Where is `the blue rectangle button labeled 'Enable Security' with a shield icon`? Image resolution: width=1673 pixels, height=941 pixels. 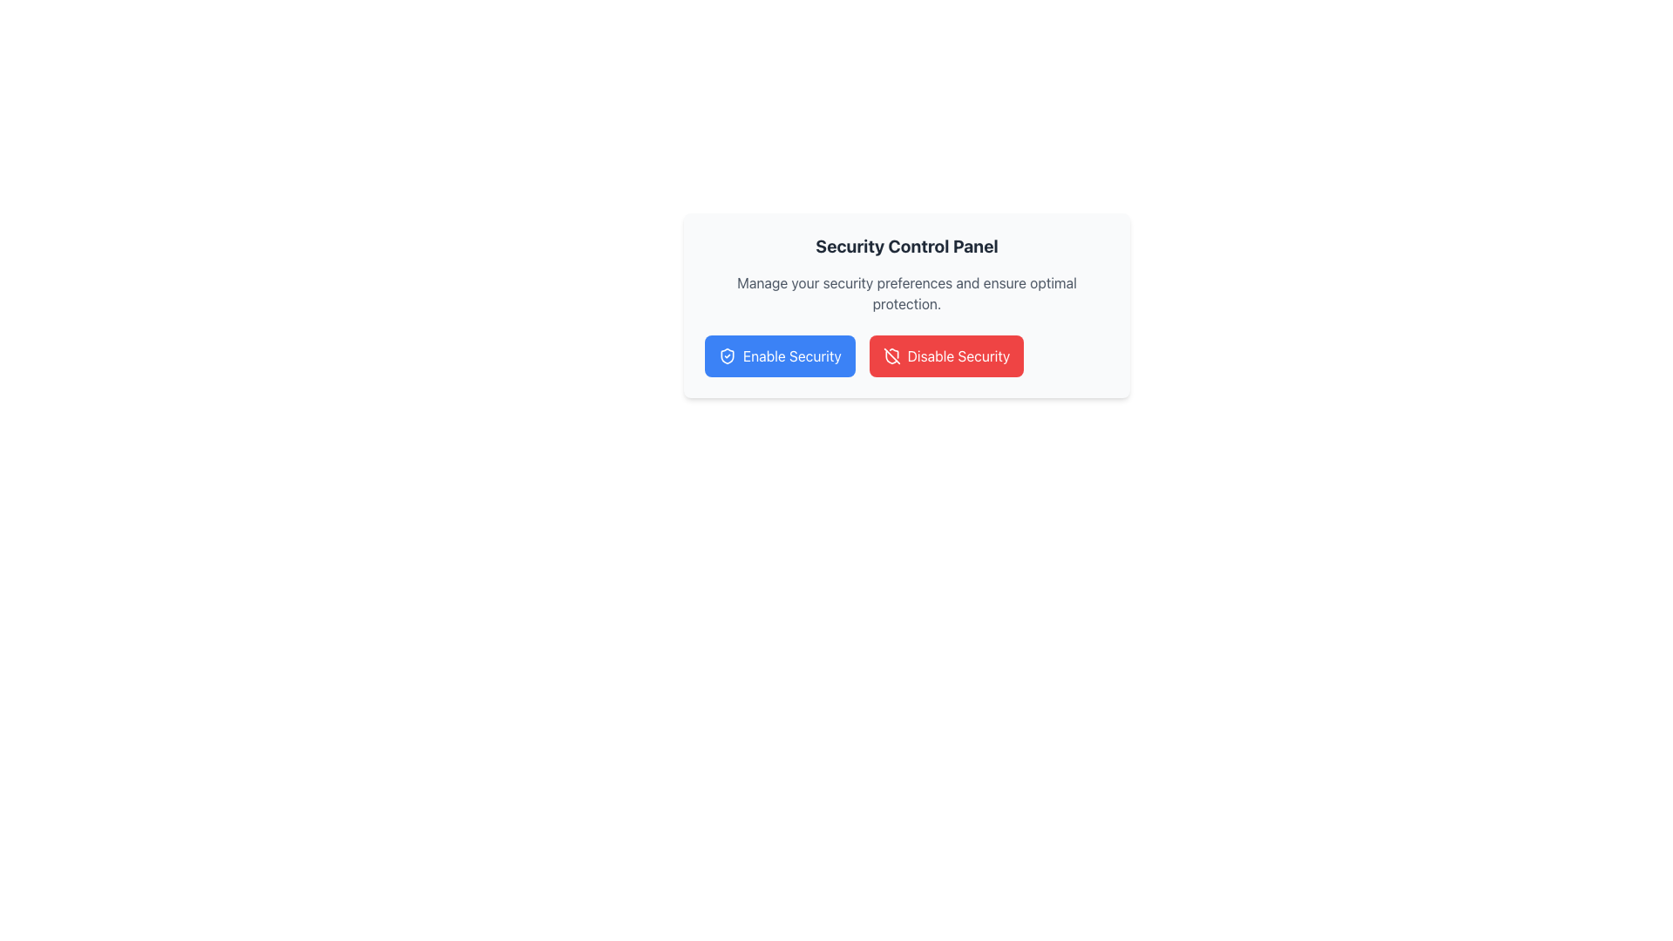 the blue rectangle button labeled 'Enable Security' with a shield icon is located at coordinates (779, 355).